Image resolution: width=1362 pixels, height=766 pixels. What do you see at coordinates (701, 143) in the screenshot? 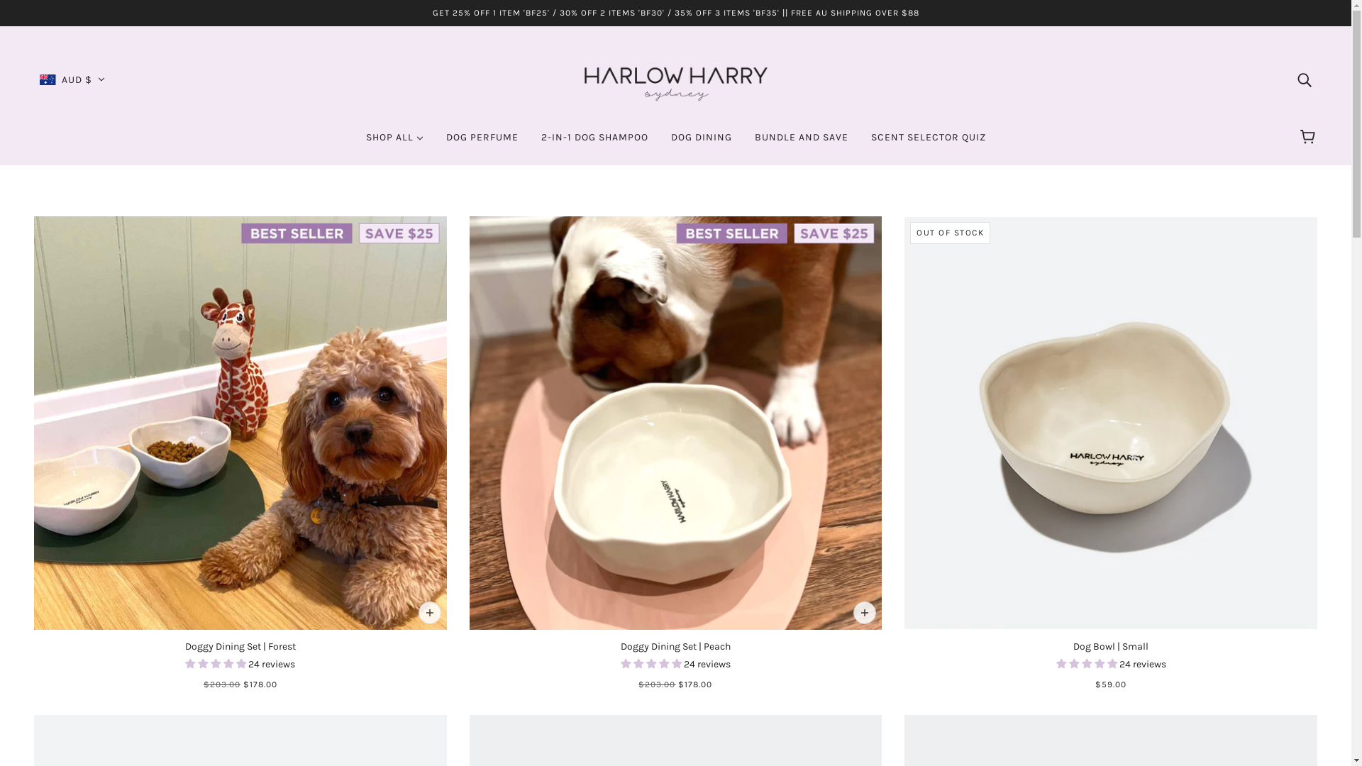
I see `'DOG DINING'` at bounding box center [701, 143].